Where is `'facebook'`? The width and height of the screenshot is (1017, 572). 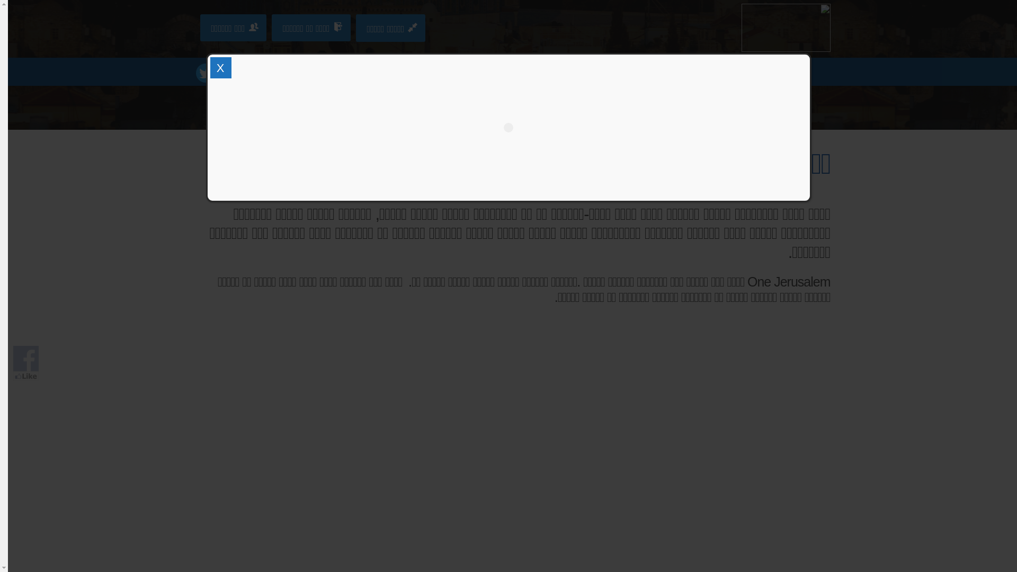 'facebook' is located at coordinates (226, 73).